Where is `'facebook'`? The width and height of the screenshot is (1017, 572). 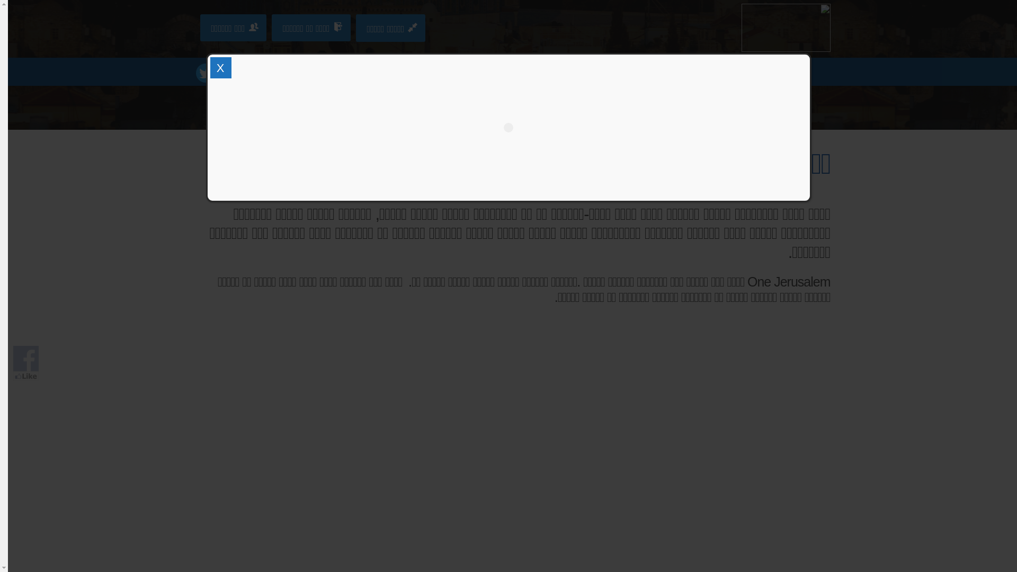 'facebook' is located at coordinates (226, 73).